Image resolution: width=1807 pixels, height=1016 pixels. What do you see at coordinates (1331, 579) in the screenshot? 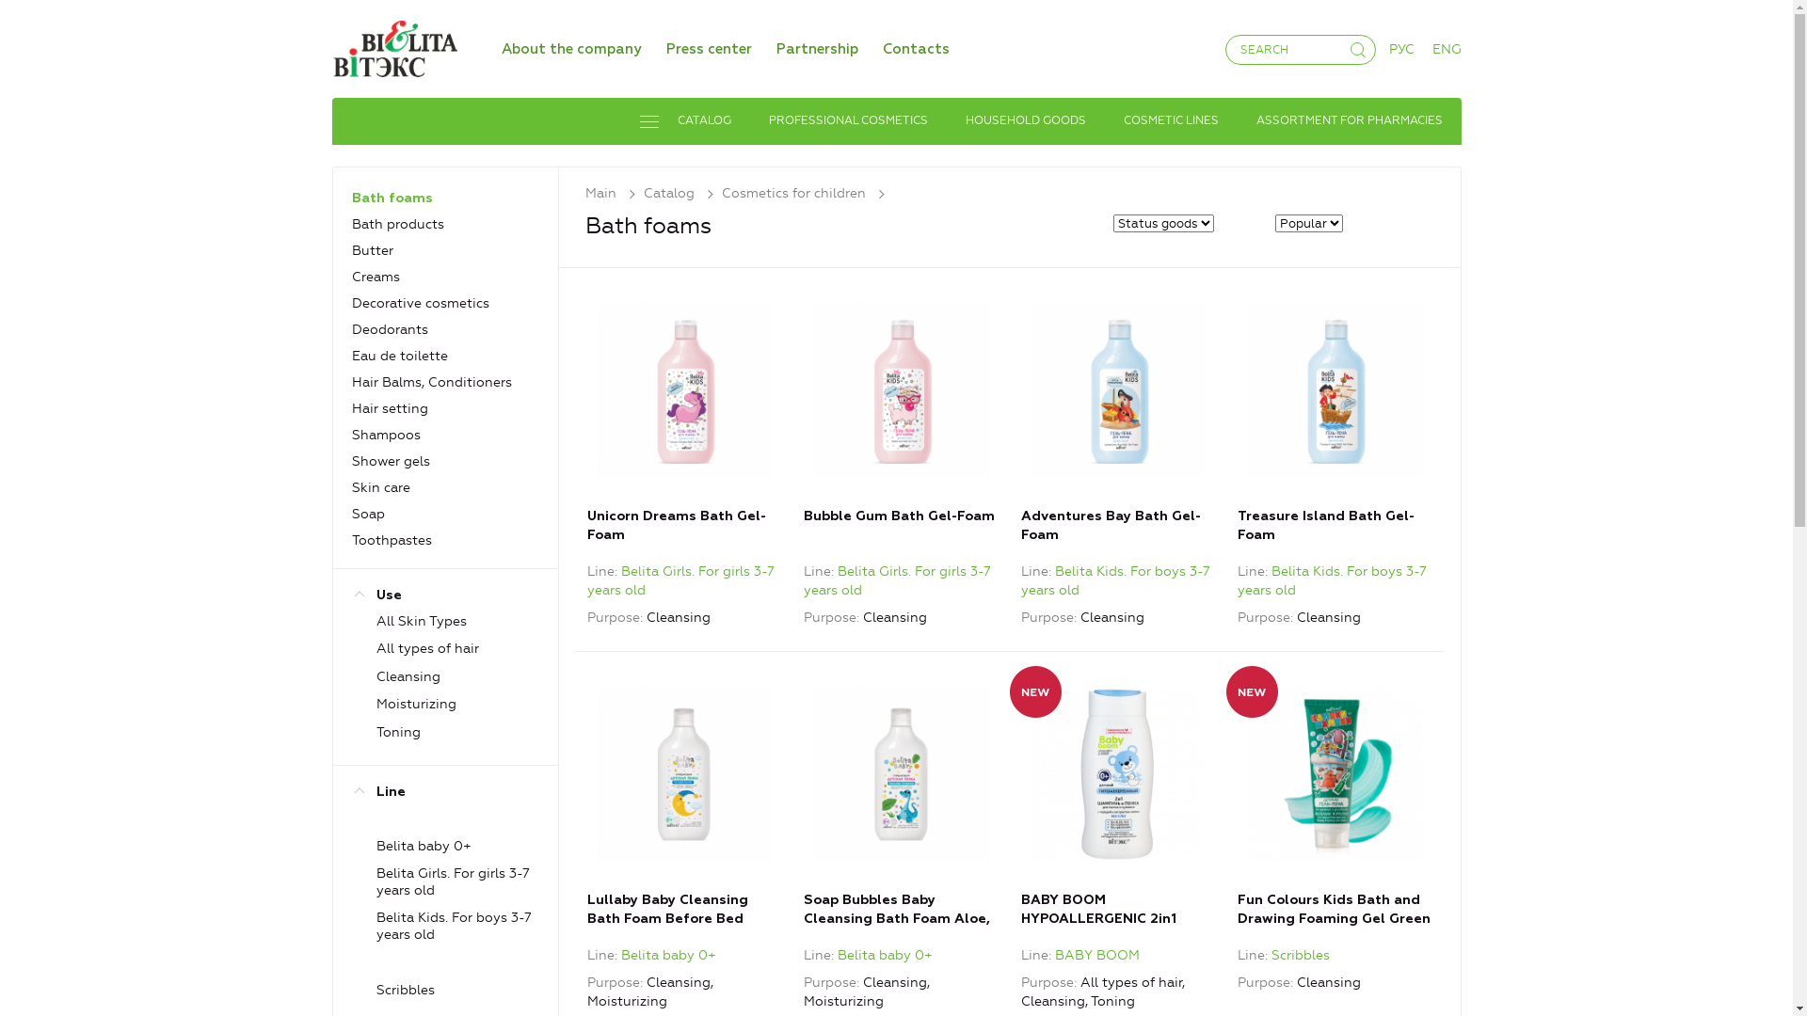
I see `'Belita Kids. For boys 3-7 years old'` at bounding box center [1331, 579].